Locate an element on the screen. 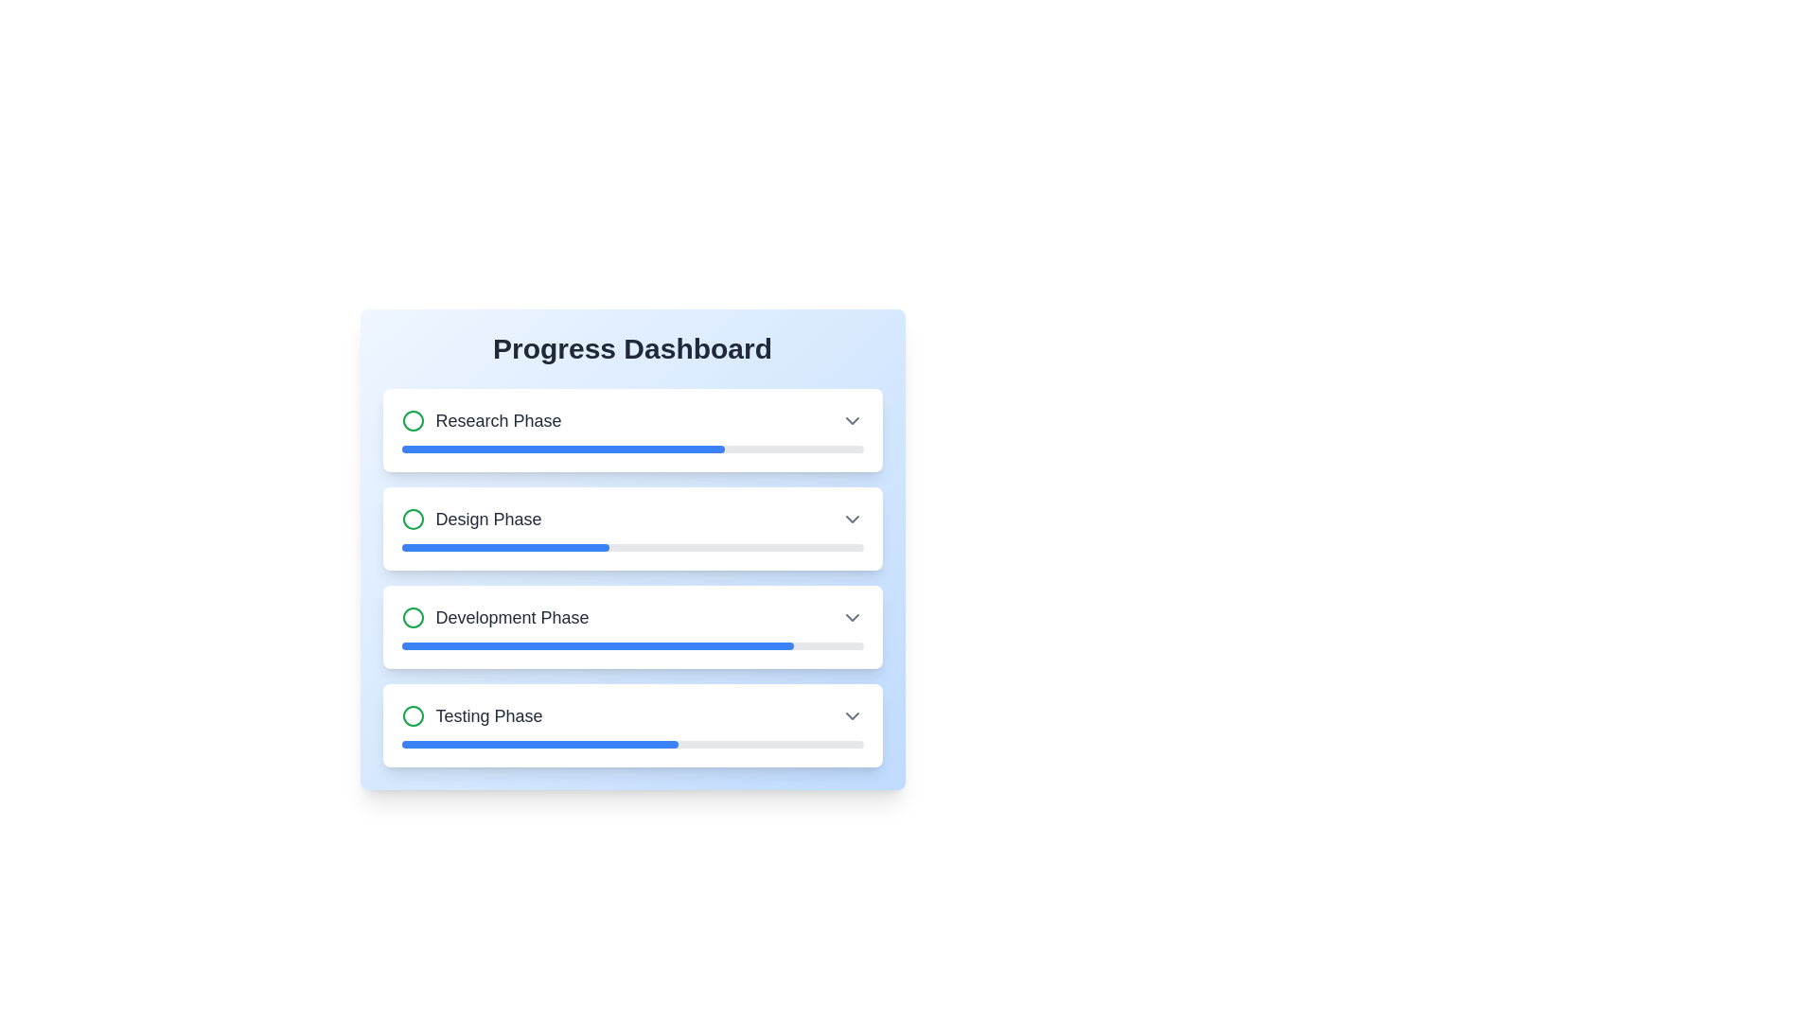 The width and height of the screenshot is (1817, 1022). text from the label indicating the current phase in the process tracking interface, which is the third item in the list, positioned between 'Design Phase' and 'Testing Phase.' is located at coordinates (495, 617).